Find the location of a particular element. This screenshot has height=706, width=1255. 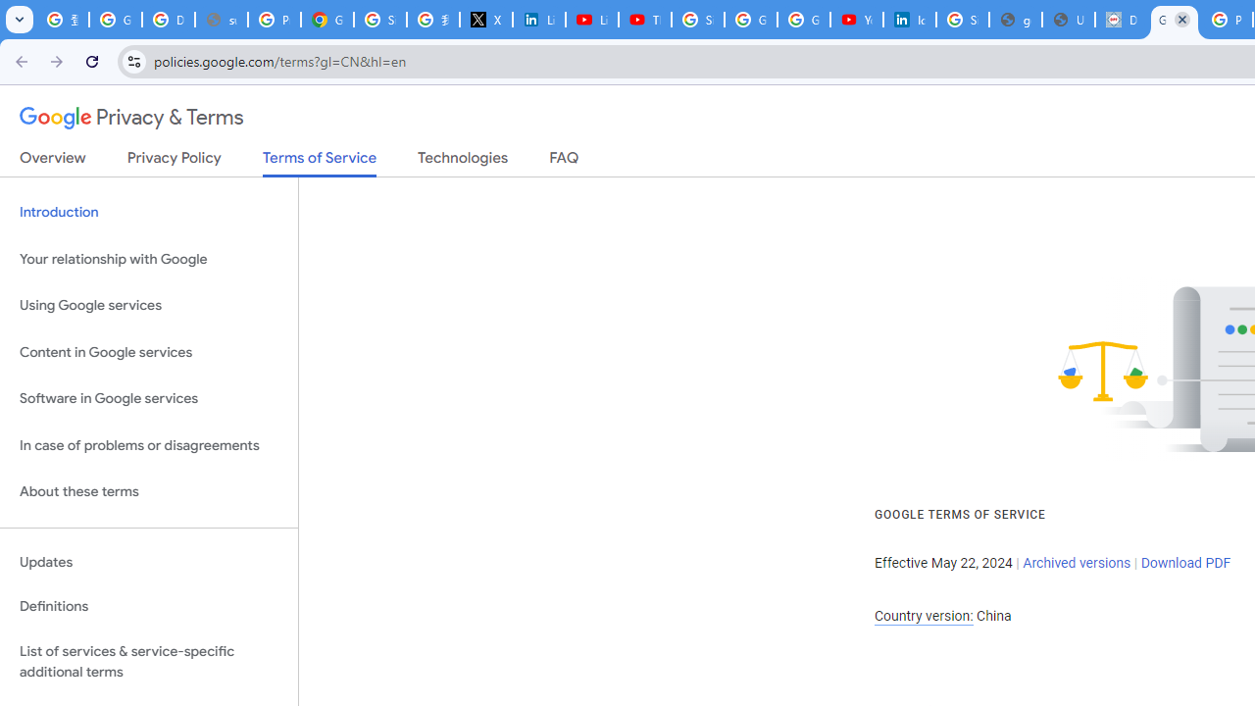

'Download PDF' is located at coordinates (1184, 563).